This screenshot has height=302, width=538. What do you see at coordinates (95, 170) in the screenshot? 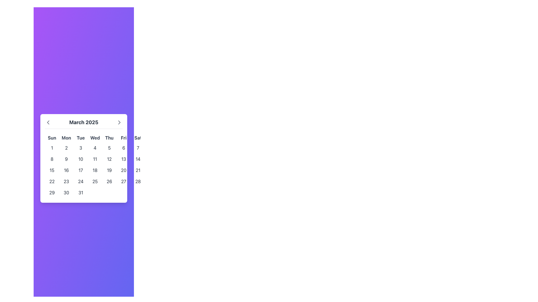
I see `the date selector element representing the date '18'` at bounding box center [95, 170].